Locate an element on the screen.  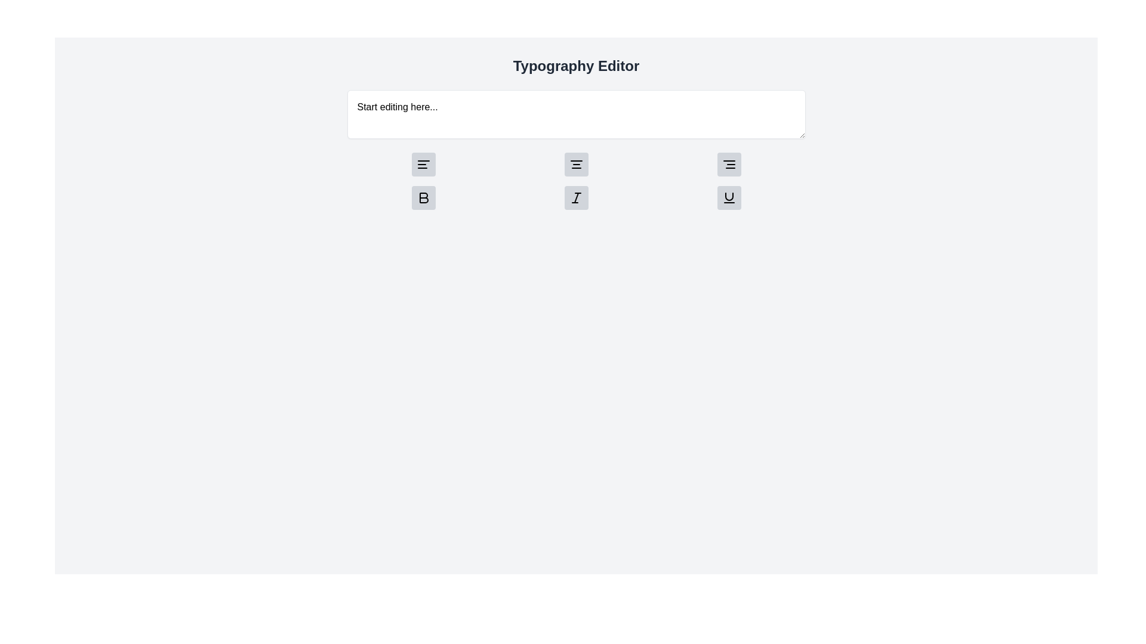
the square-shaped icon button with an underline symbol to apply underline formatting is located at coordinates (728, 197).